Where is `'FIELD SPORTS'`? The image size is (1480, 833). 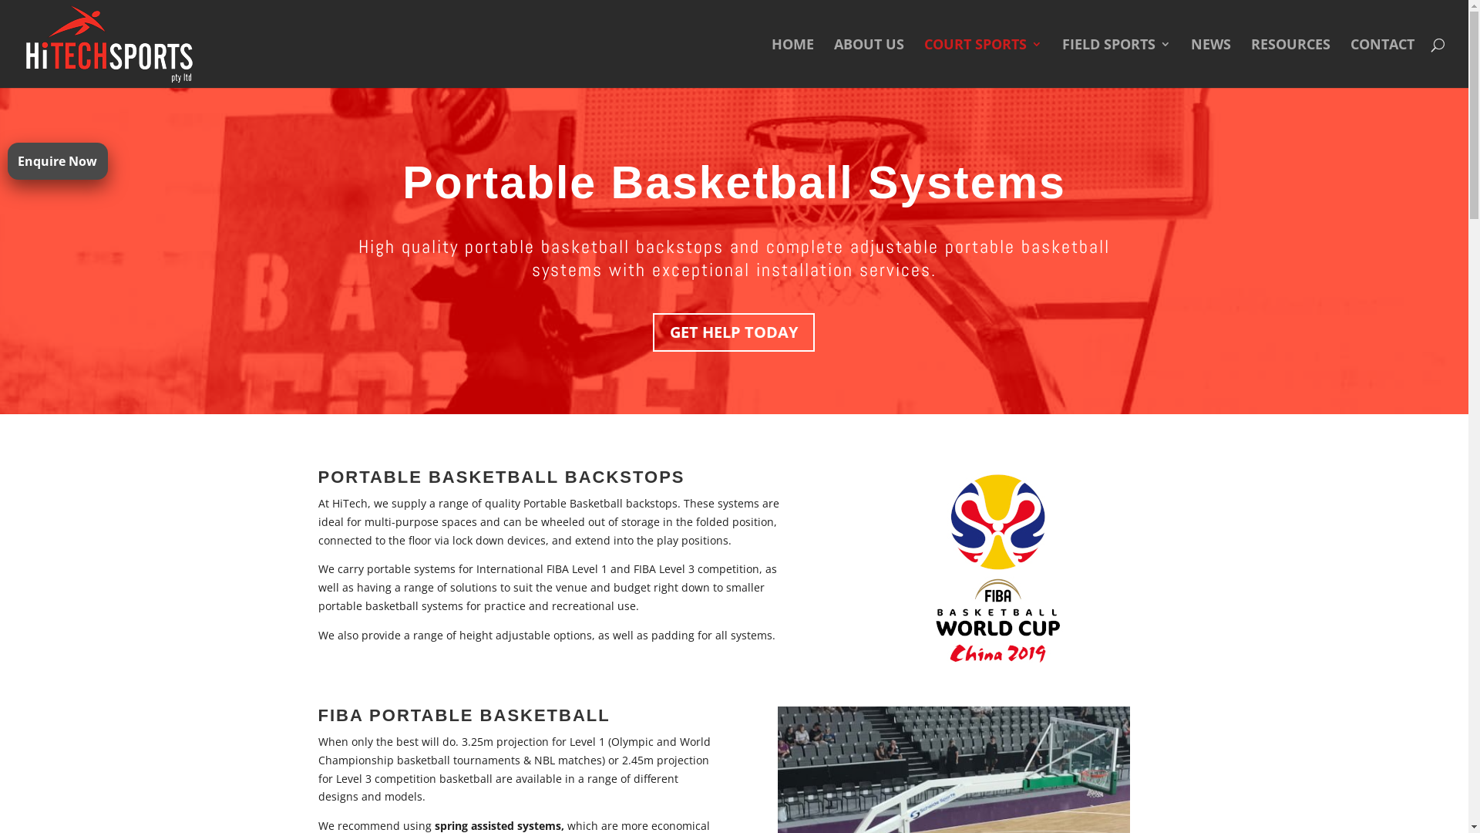
'FIELD SPORTS' is located at coordinates (1061, 62).